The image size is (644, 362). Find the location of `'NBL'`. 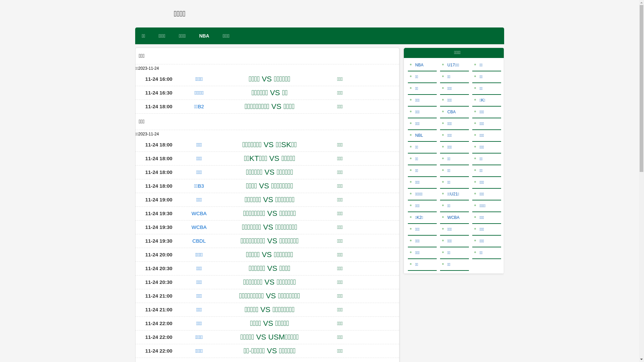

'NBL' is located at coordinates (416, 135).